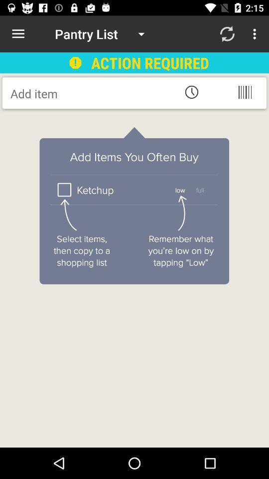 The image size is (269, 479). Describe the element at coordinates (90, 93) in the screenshot. I see `item` at that location.